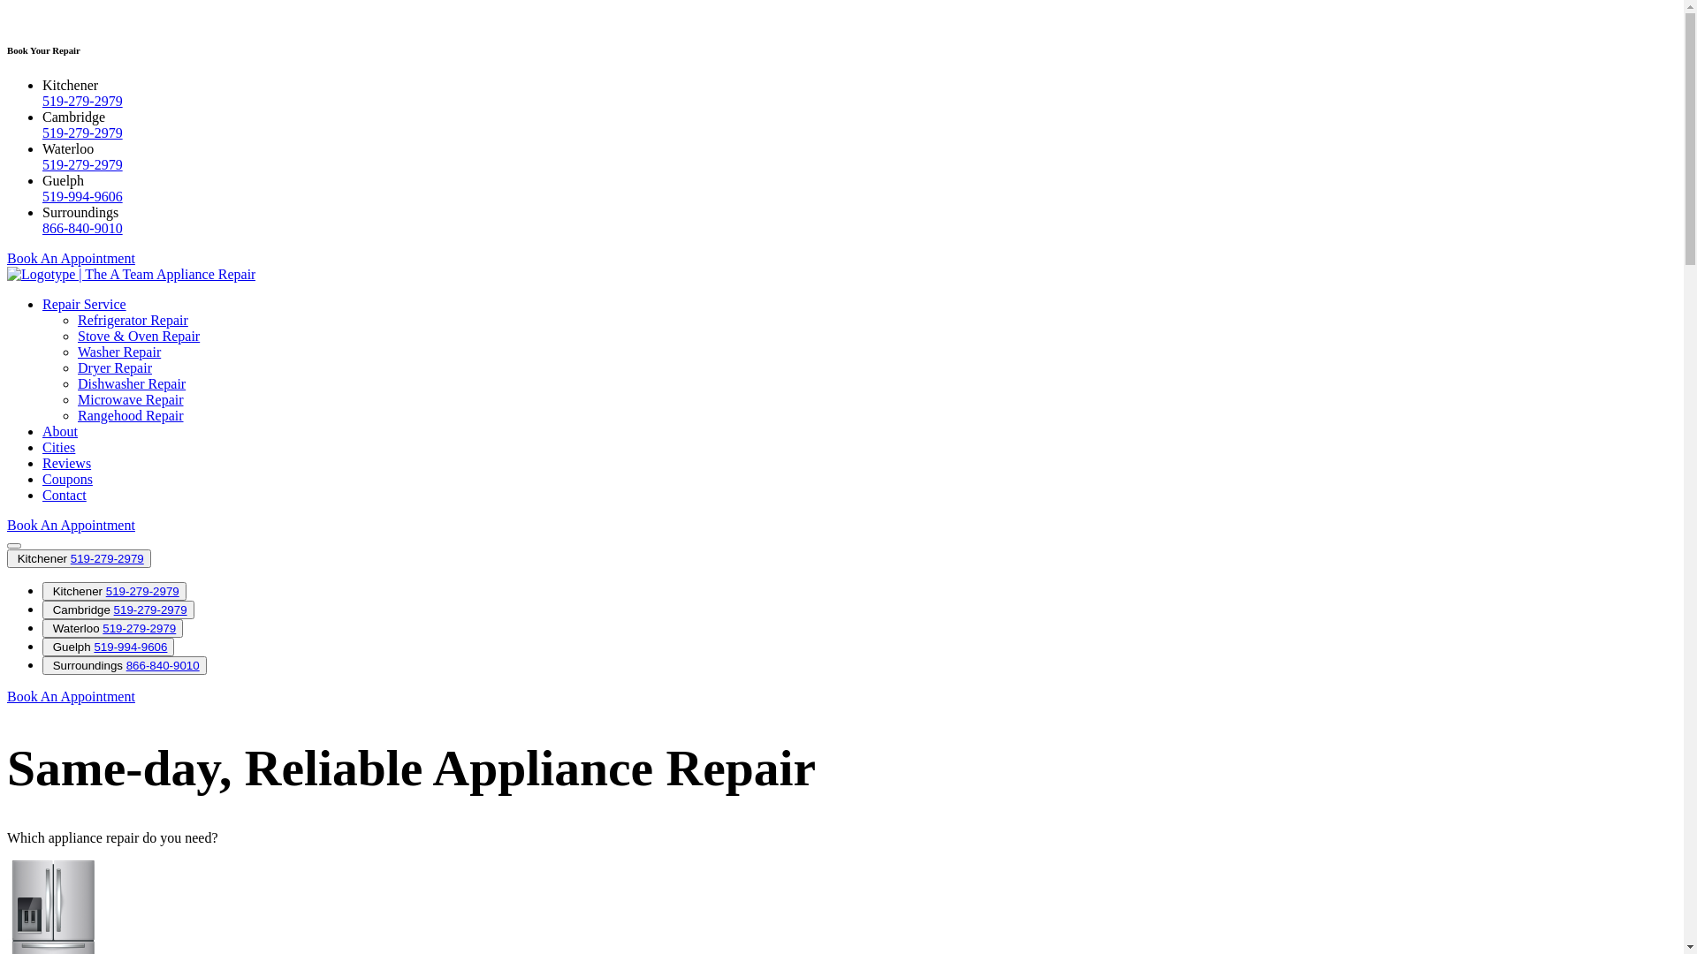 The height and width of the screenshot is (954, 1697). What do you see at coordinates (42, 609) in the screenshot?
I see `'Cambridge 519-279-2979'` at bounding box center [42, 609].